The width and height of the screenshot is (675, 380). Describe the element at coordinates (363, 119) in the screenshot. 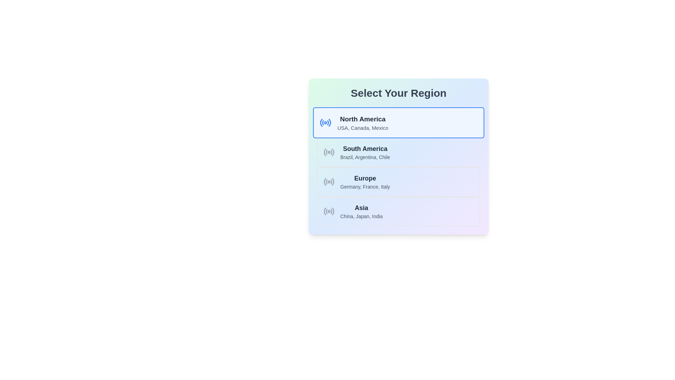

I see `the text label that identifies the 'North America' region option, which is positioned at the top center of its card, above the subtext 'USA, Canada, Mexico'` at that location.